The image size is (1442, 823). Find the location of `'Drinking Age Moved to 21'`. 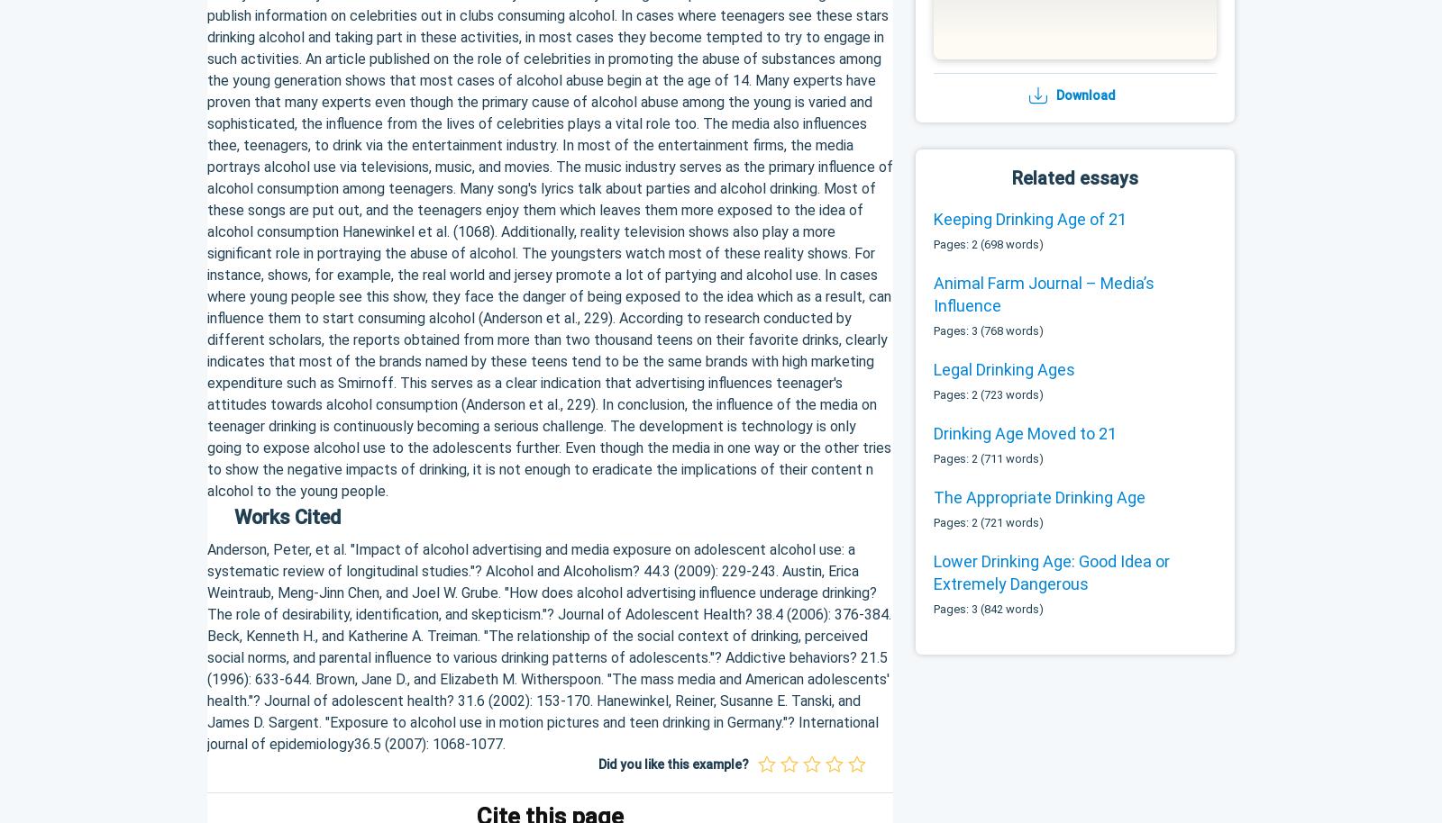

'Drinking Age Moved to 21' is located at coordinates (1025, 432).